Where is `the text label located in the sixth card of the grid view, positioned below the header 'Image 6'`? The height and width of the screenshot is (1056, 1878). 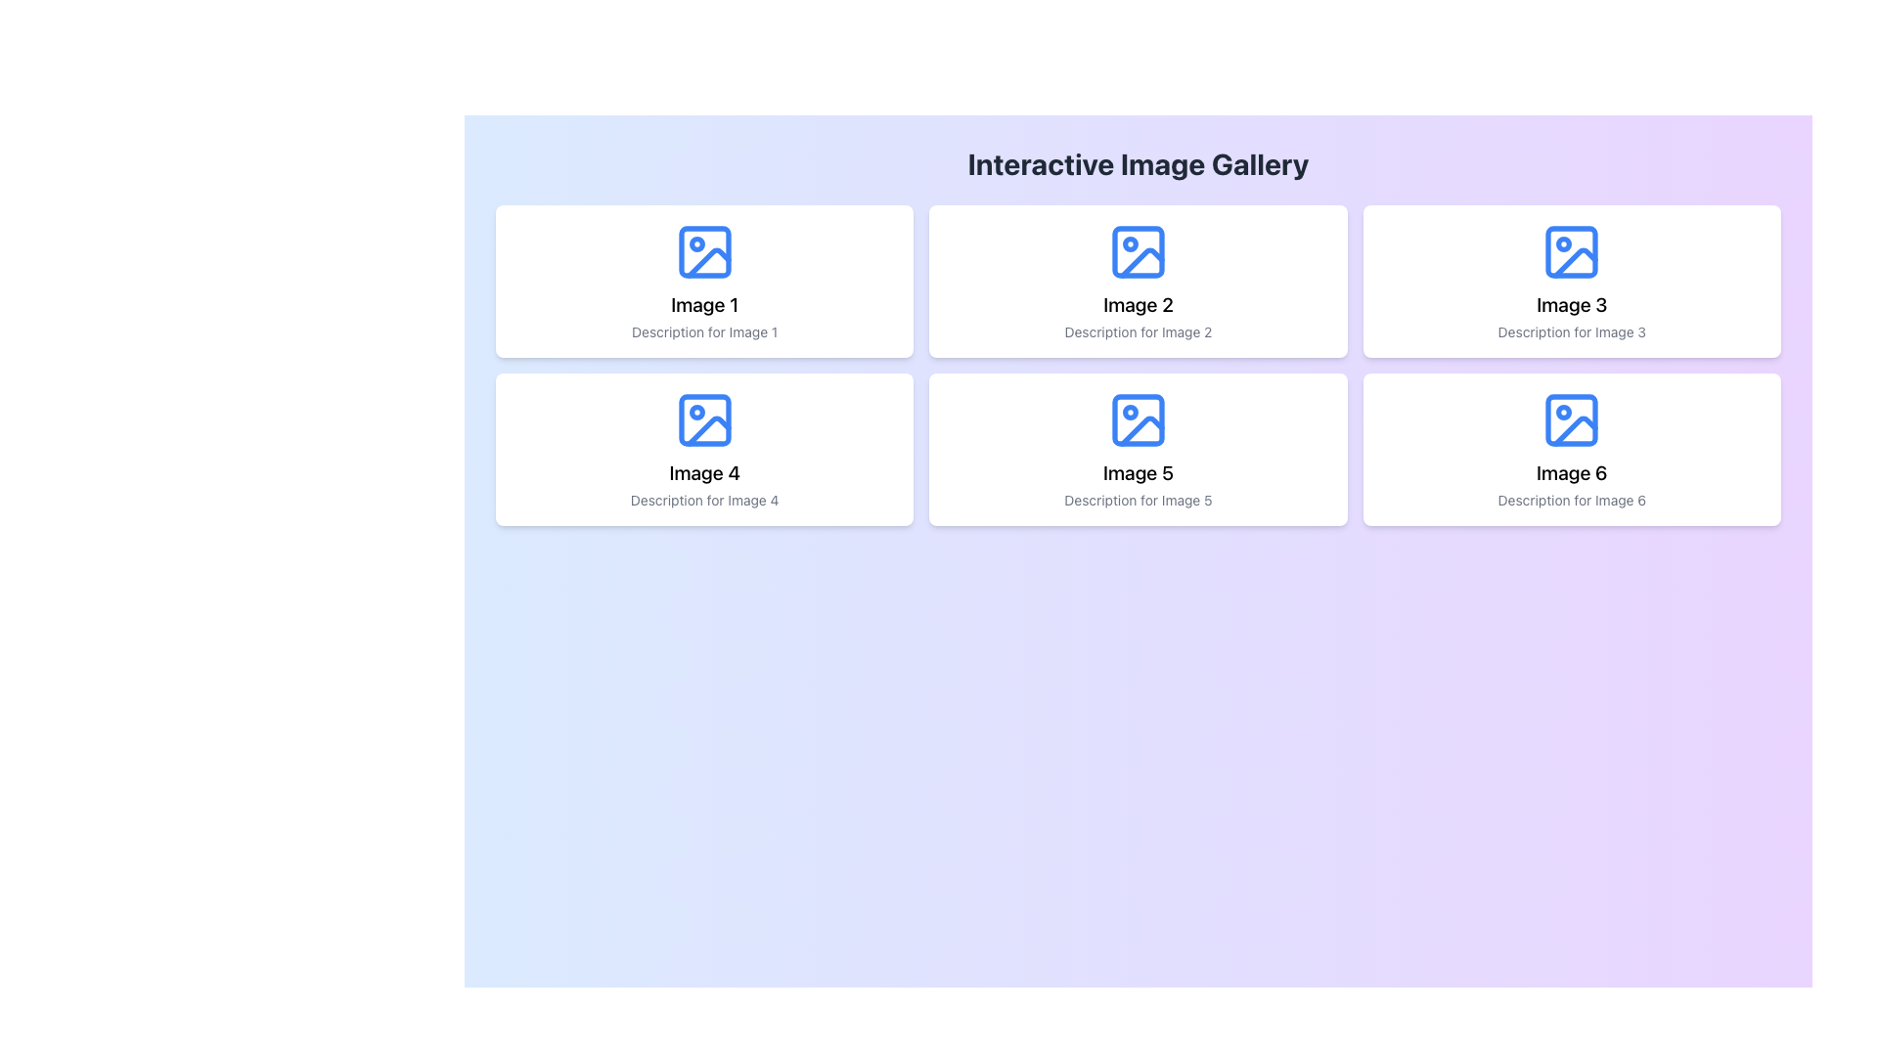
the text label located in the sixth card of the grid view, positioned below the header 'Image 6' is located at coordinates (1572, 500).